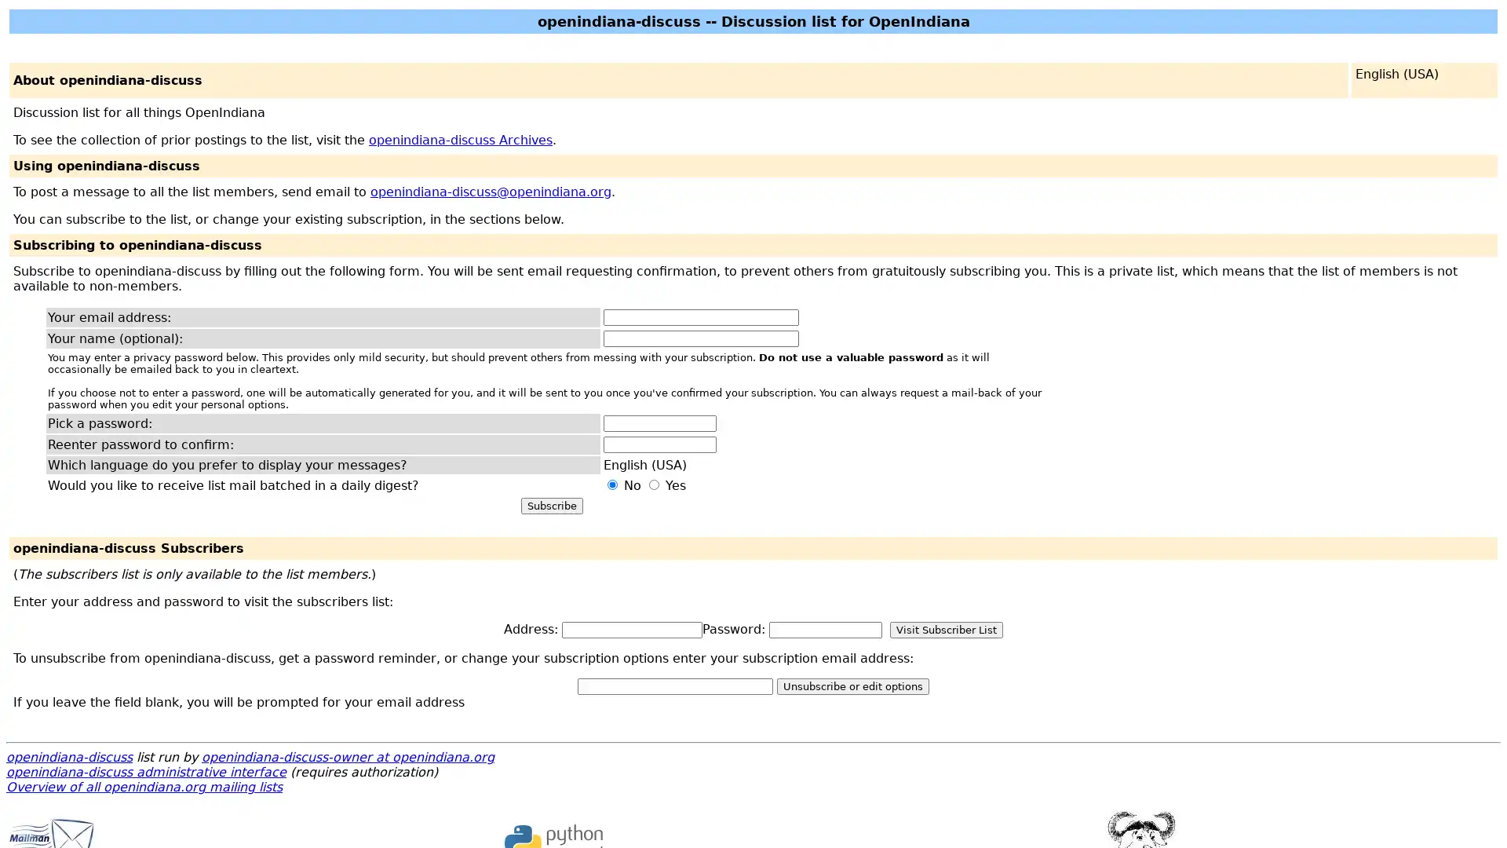 This screenshot has height=848, width=1507. What do you see at coordinates (551, 506) in the screenshot?
I see `Subscribe` at bounding box center [551, 506].